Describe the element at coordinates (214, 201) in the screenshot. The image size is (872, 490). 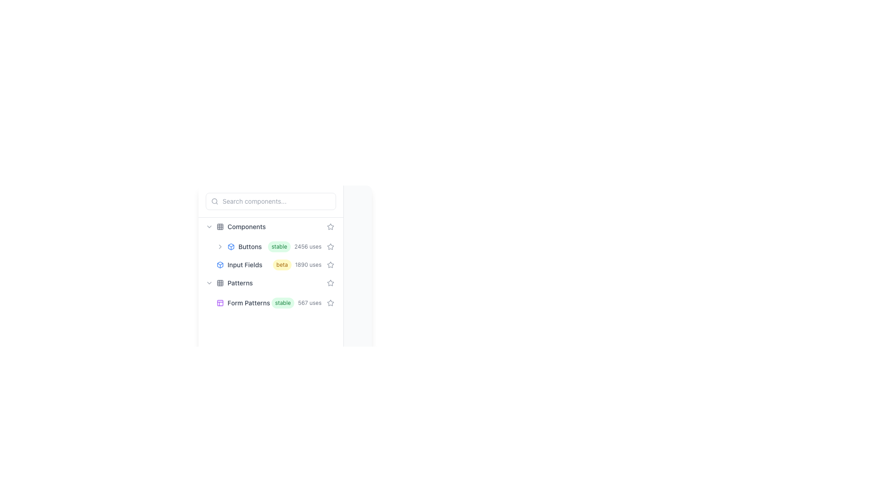
I see `the magnifying glass icon representing the search action, which is positioned at the leftmost side of the search bar component` at that location.